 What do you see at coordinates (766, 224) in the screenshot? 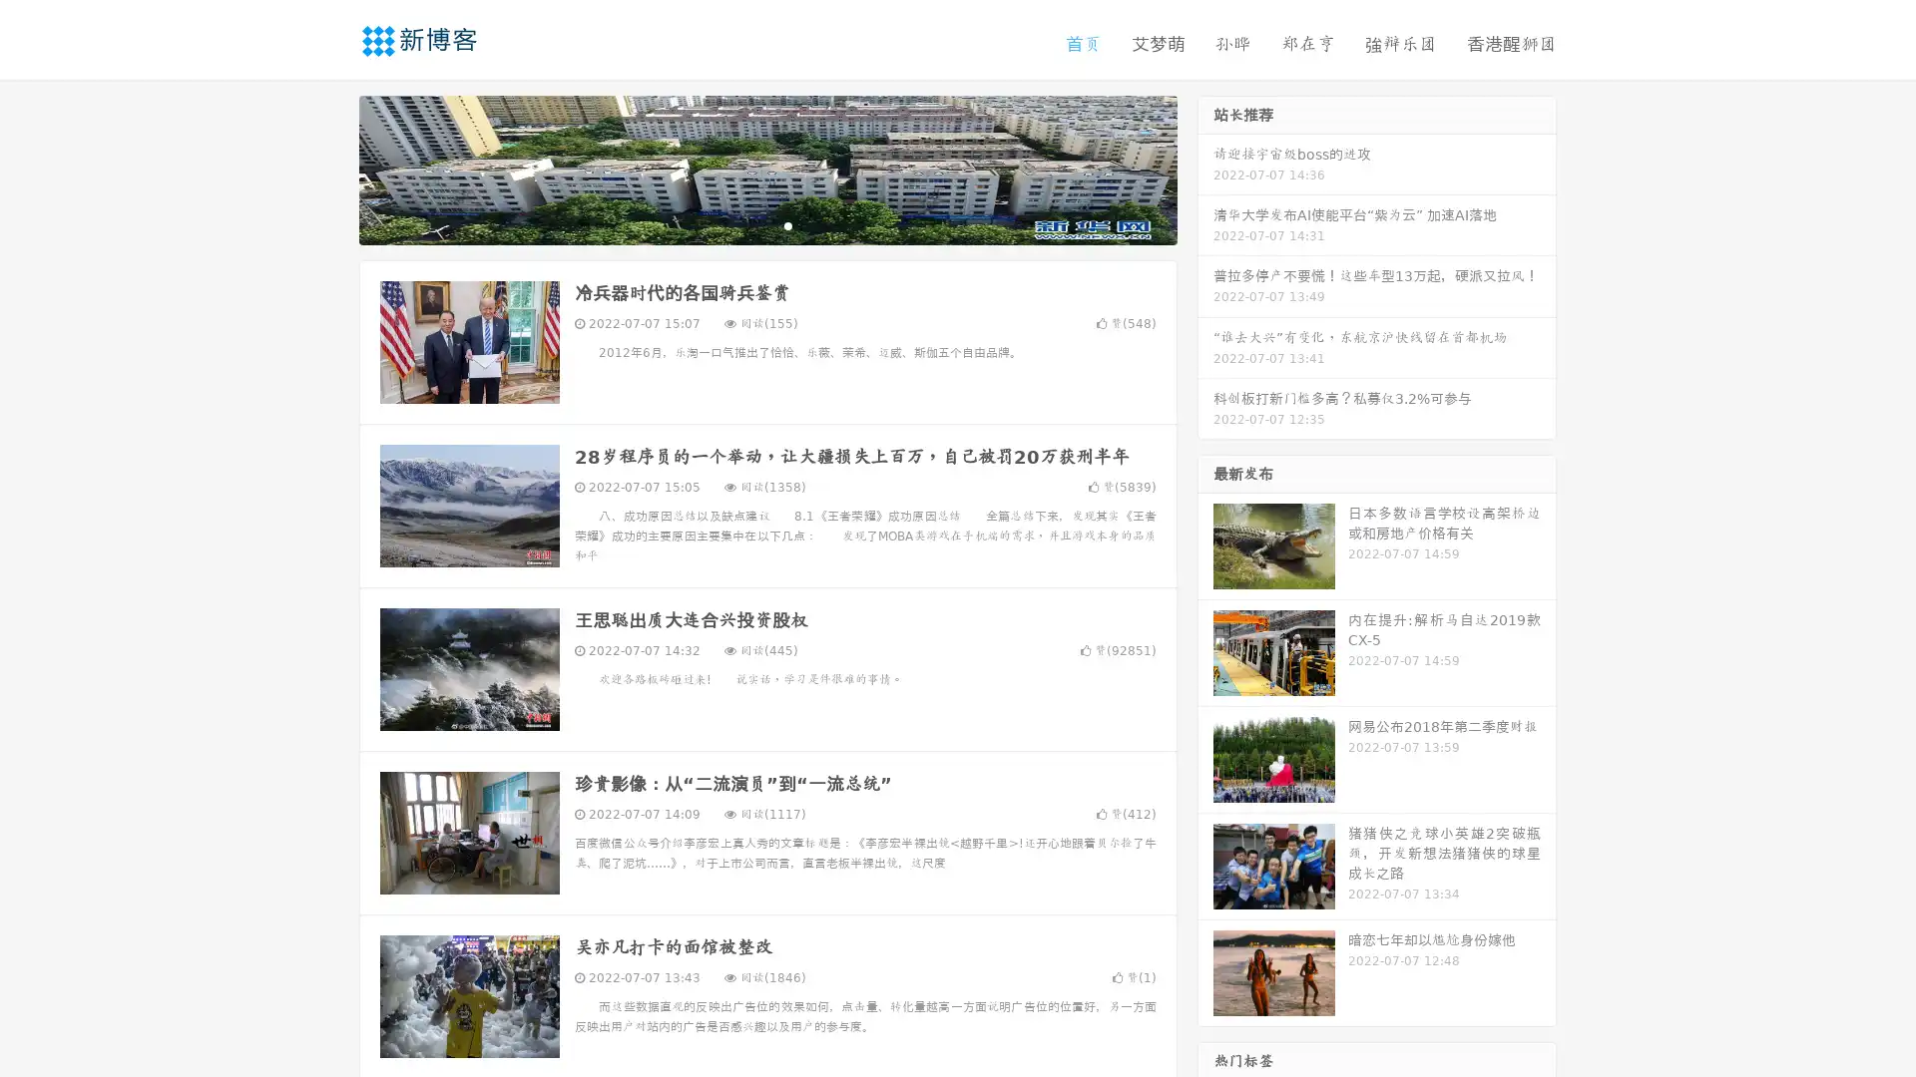
I see `Go to slide 2` at bounding box center [766, 224].